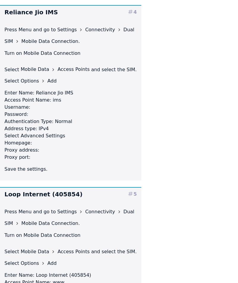 The width and height of the screenshot is (238, 283). Describe the element at coordinates (26, 169) in the screenshot. I see `'Save the settings.'` at that location.